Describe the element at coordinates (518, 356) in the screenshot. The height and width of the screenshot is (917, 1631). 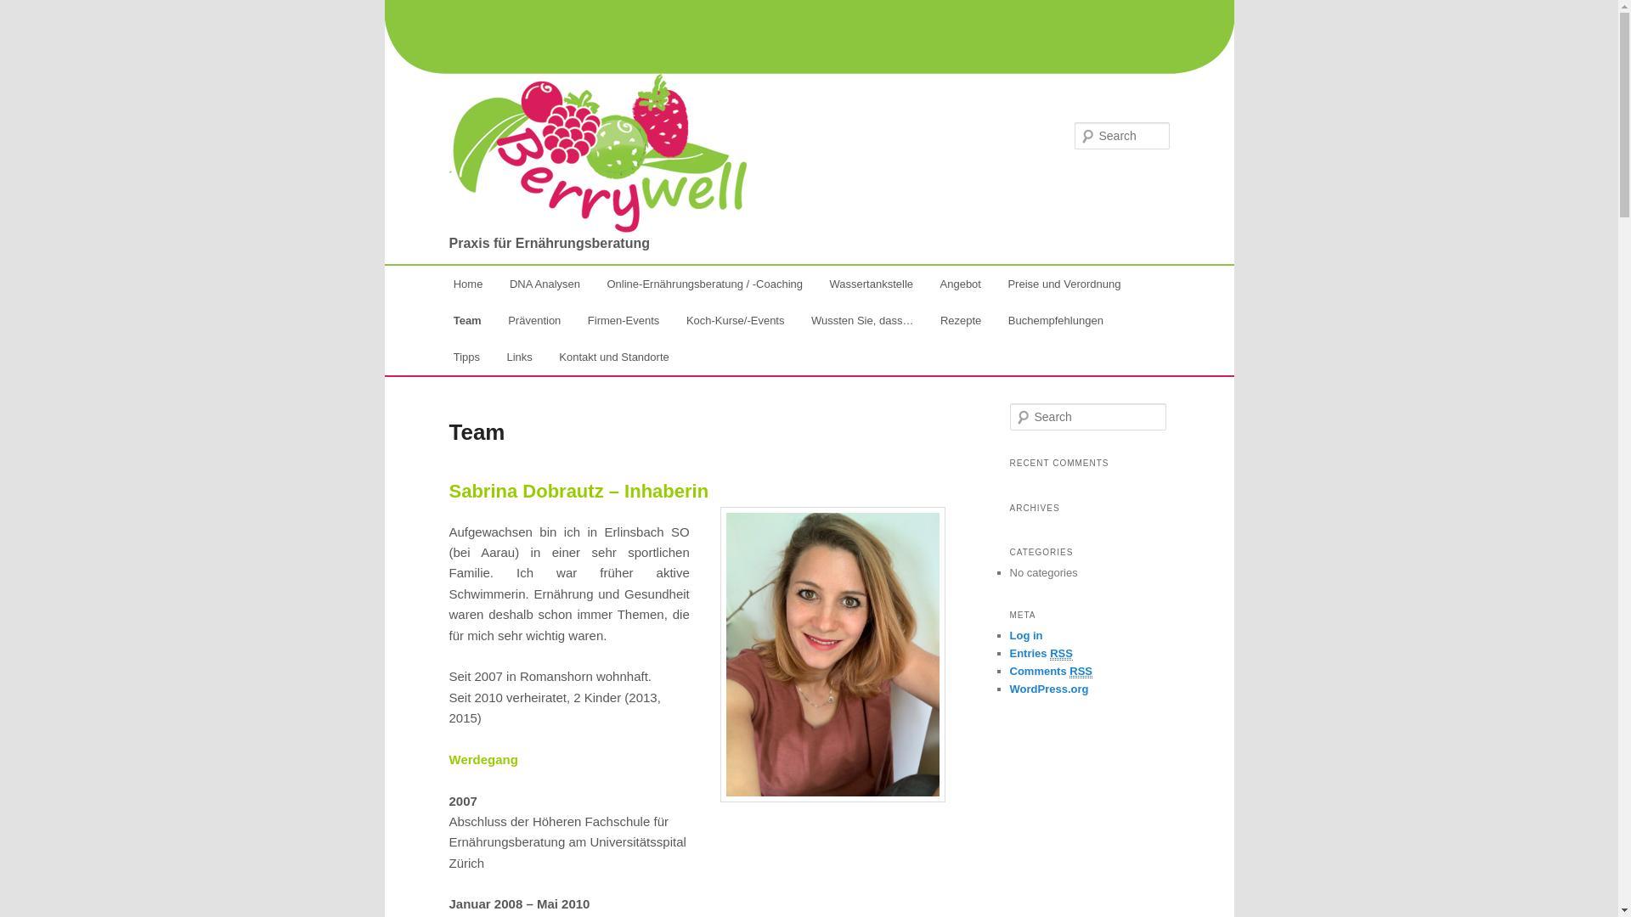
I see `'Links'` at that location.